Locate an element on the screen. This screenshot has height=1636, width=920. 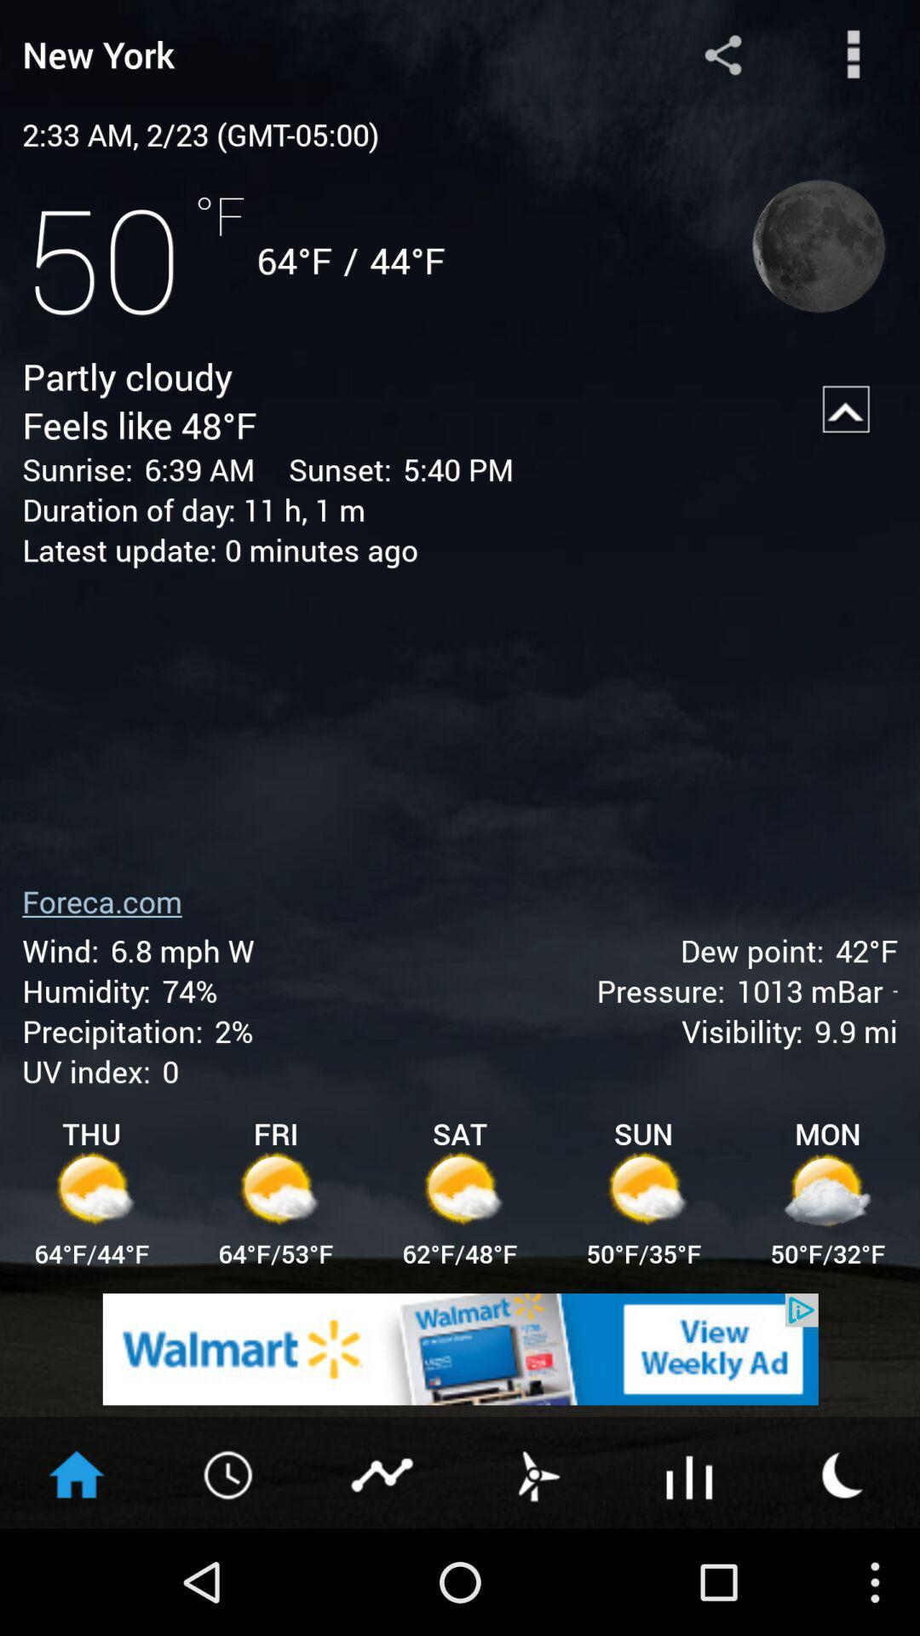
show statistics is located at coordinates (383, 1472).